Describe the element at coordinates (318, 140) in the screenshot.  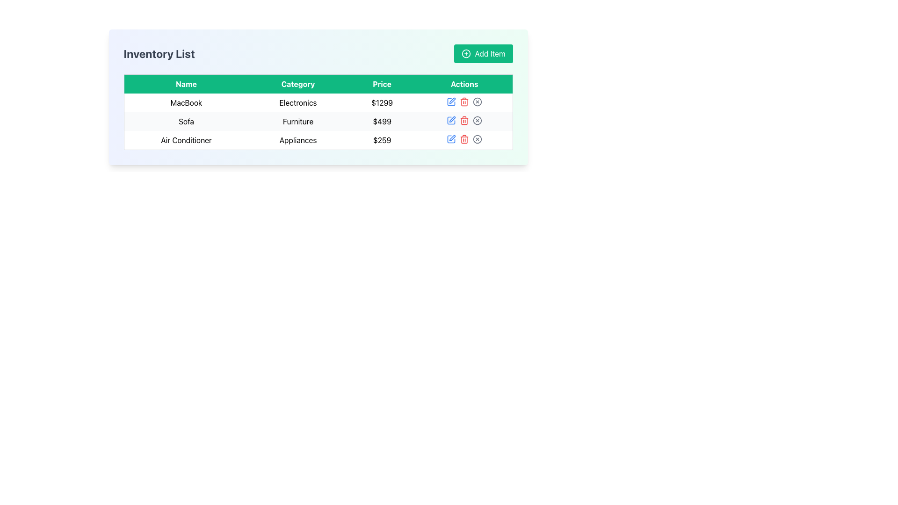
I see `the third row in the inventory list displaying details for the item 'Air Conditioner', which includes its name, category, and price` at that location.